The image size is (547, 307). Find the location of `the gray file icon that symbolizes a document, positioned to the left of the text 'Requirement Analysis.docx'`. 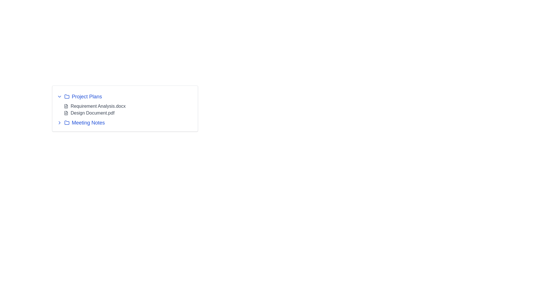

the gray file icon that symbolizes a document, positioned to the left of the text 'Requirement Analysis.docx' is located at coordinates (66, 106).